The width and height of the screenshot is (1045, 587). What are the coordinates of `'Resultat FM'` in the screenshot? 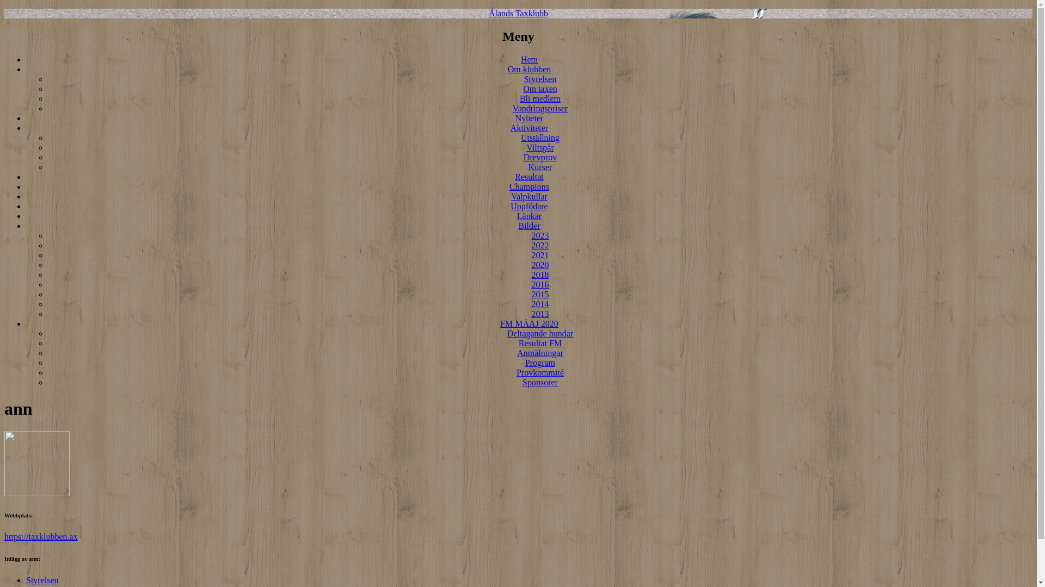 It's located at (540, 343).